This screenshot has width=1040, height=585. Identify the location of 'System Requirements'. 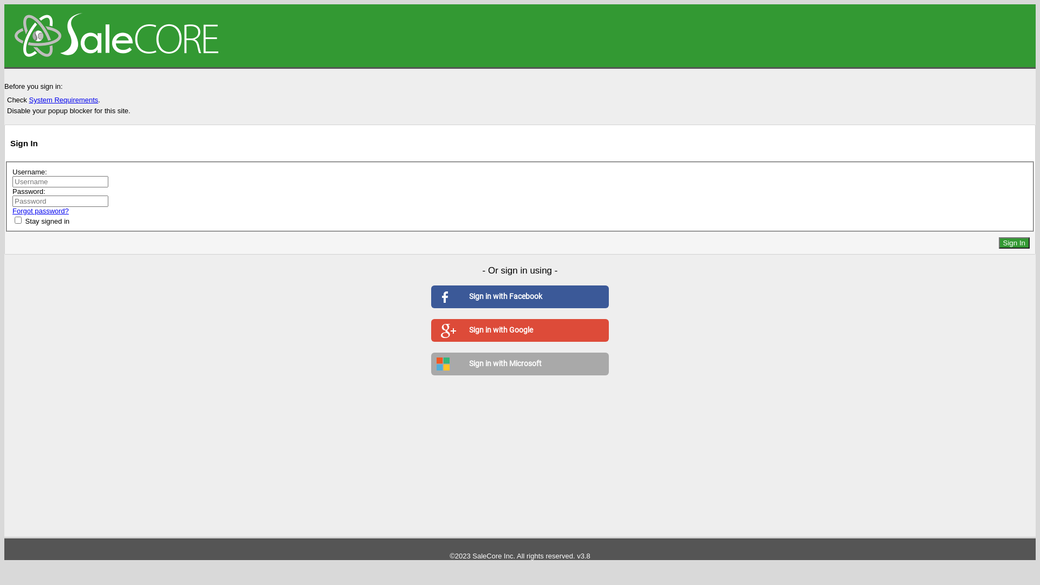
(62, 100).